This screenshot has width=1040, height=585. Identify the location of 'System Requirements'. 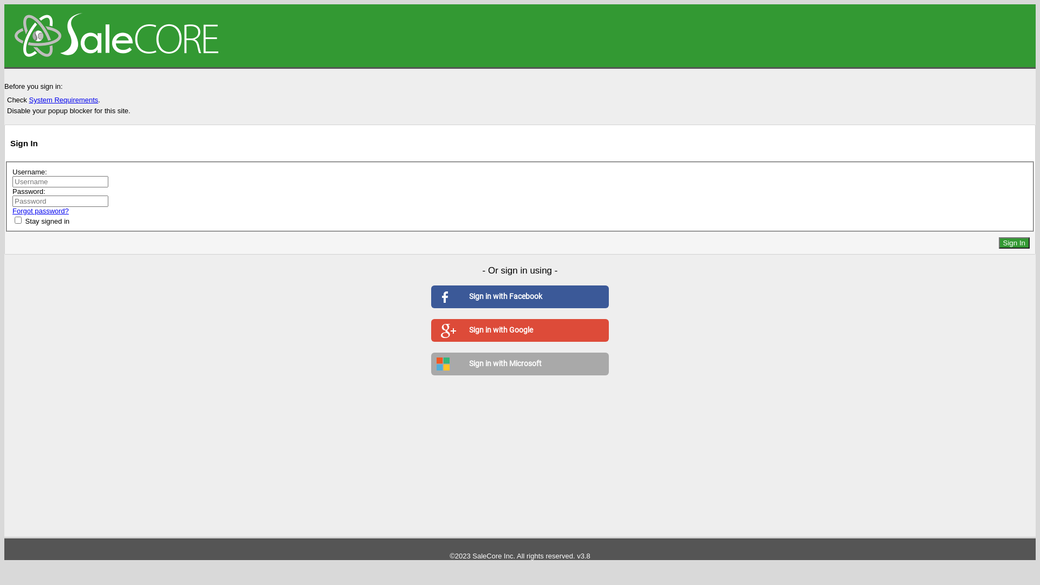
(62, 100).